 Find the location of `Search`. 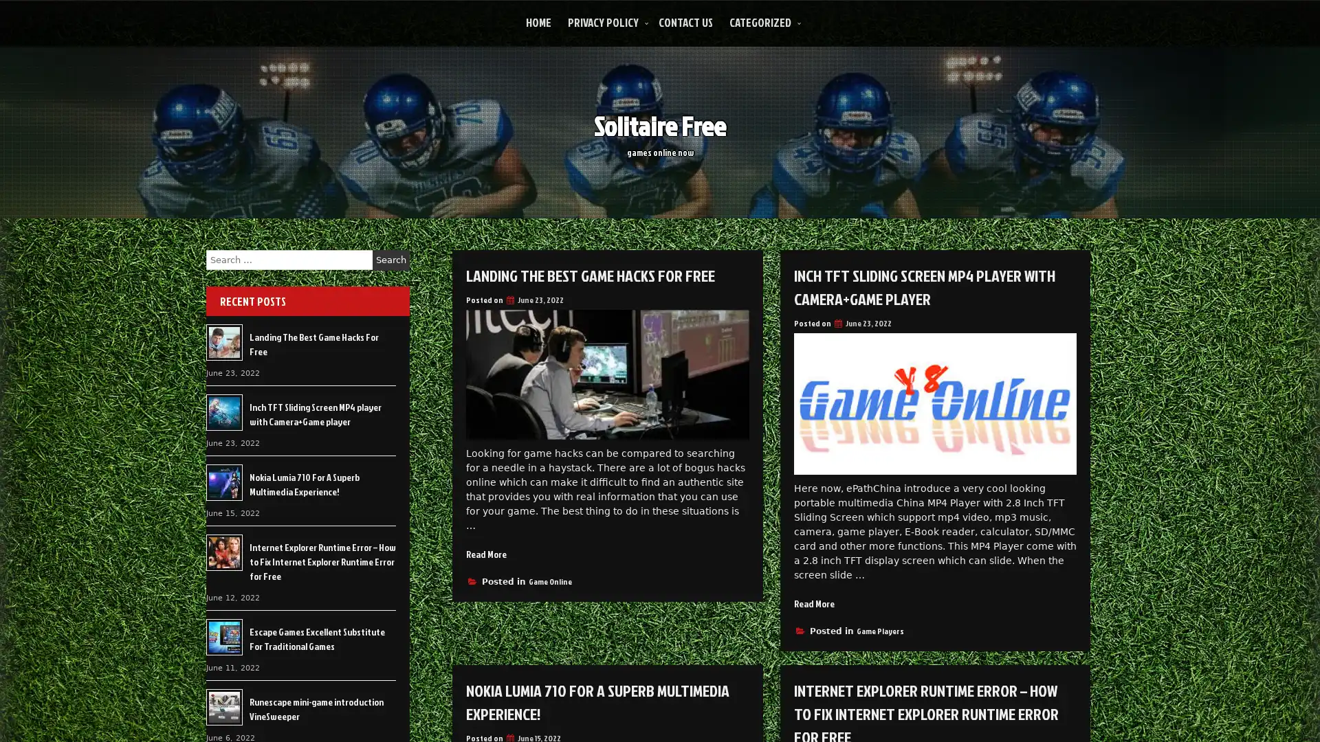

Search is located at coordinates (390, 260).